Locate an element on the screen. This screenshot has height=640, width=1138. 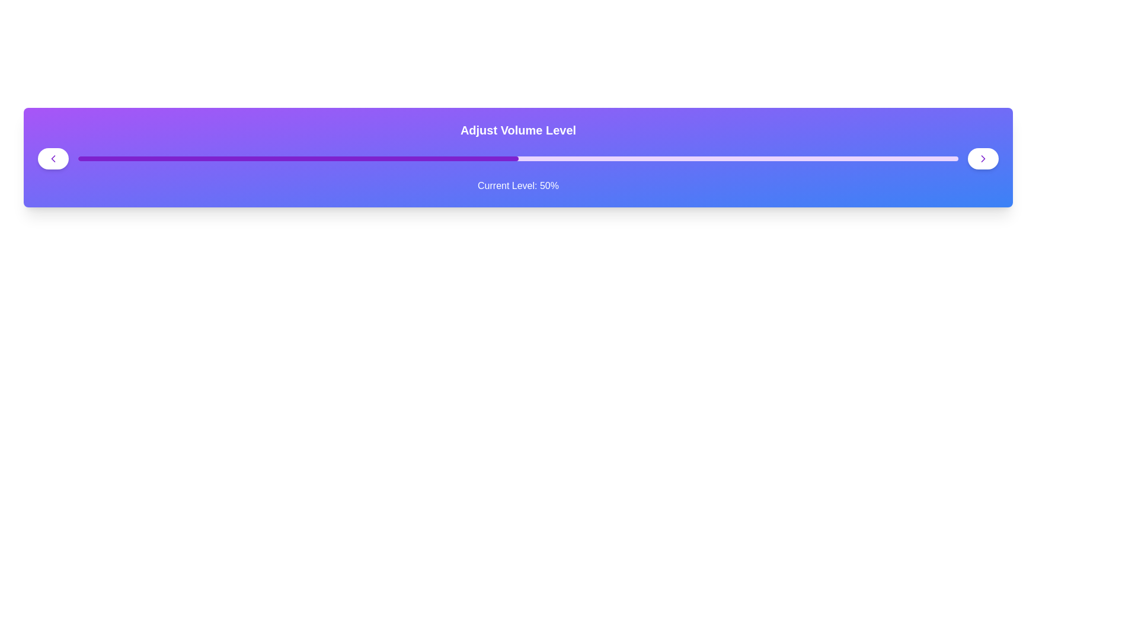
the SVG icon that indicates the action of increasing volume, located at the center of the button labeled 'Increase volume' is located at coordinates (983, 158).